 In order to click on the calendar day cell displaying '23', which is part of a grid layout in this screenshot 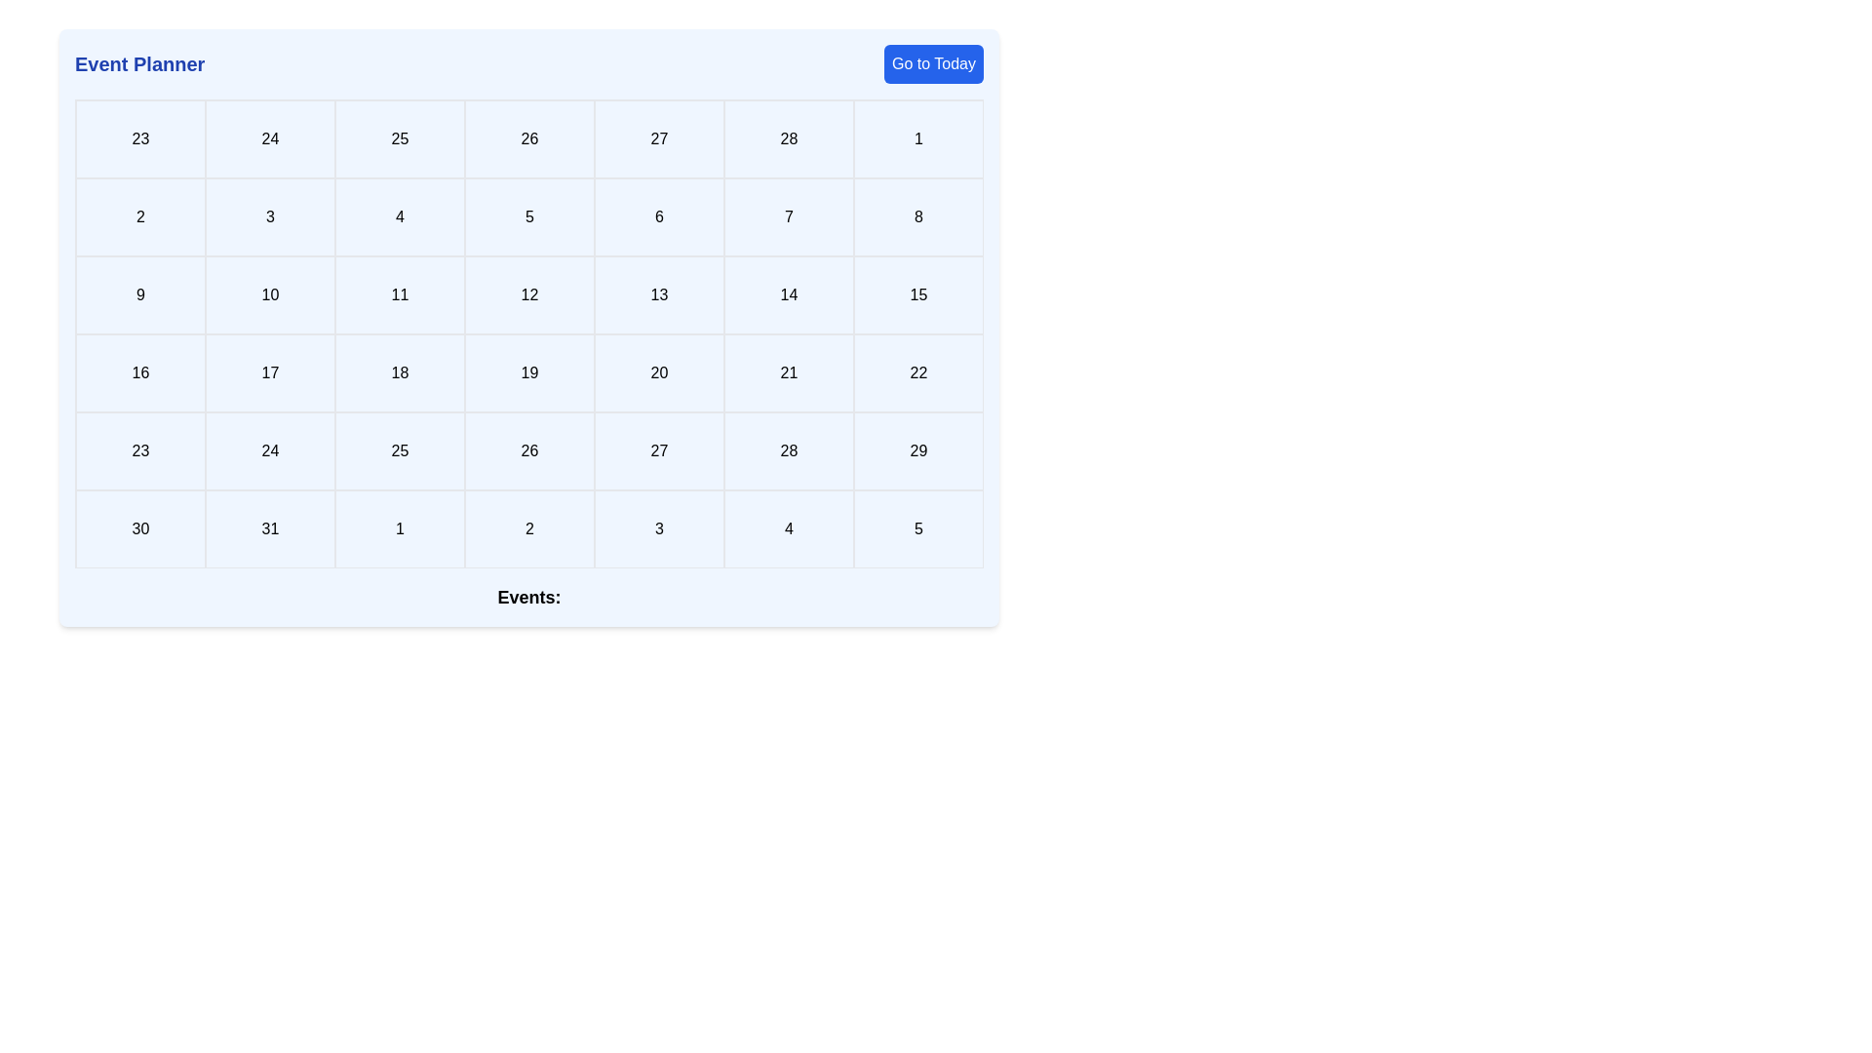, I will do `click(139, 450)`.